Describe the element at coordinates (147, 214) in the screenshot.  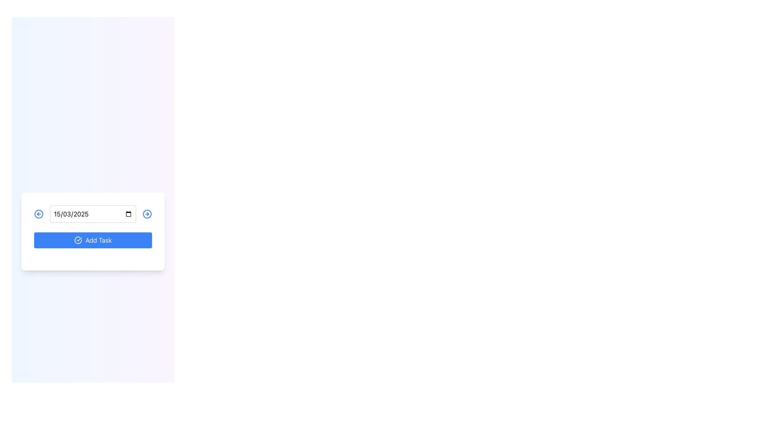
I see `the SVG circle element that is part of the decorative arrow icon indicating a forward action` at that location.